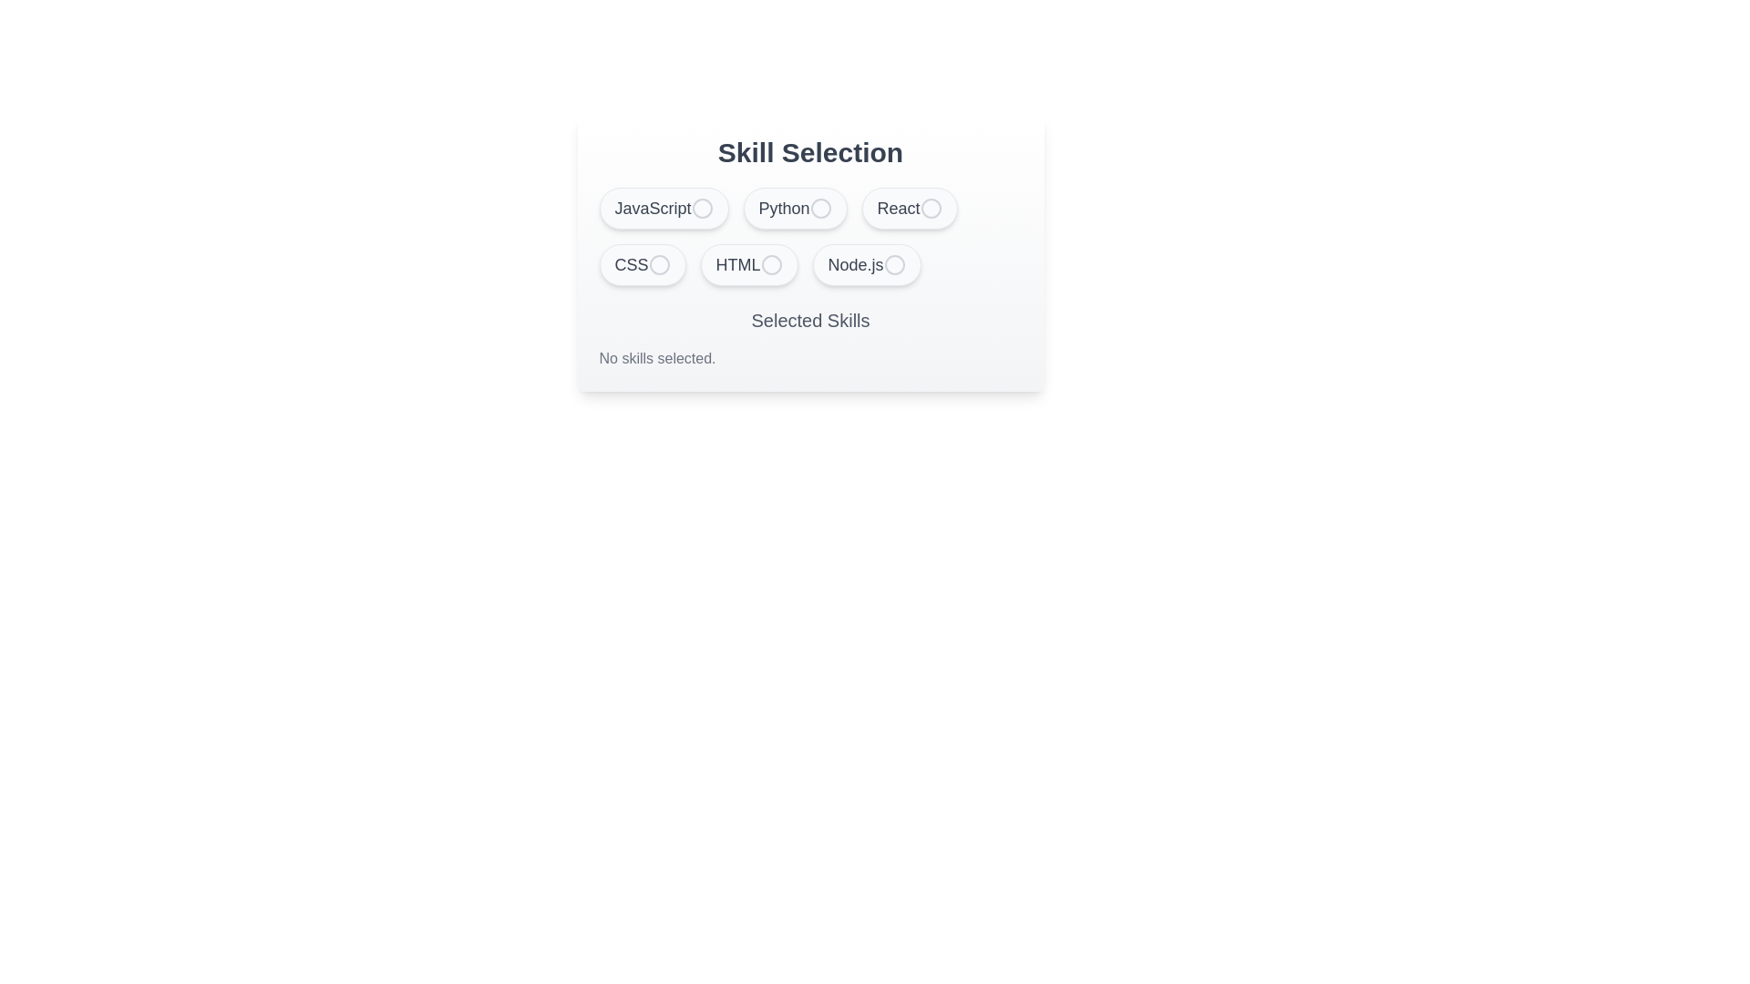  I want to click on the static text indicating that no skills are currently selected by the user, located in the 'Selected Skills' area beneath the skill selection options, so click(656, 358).